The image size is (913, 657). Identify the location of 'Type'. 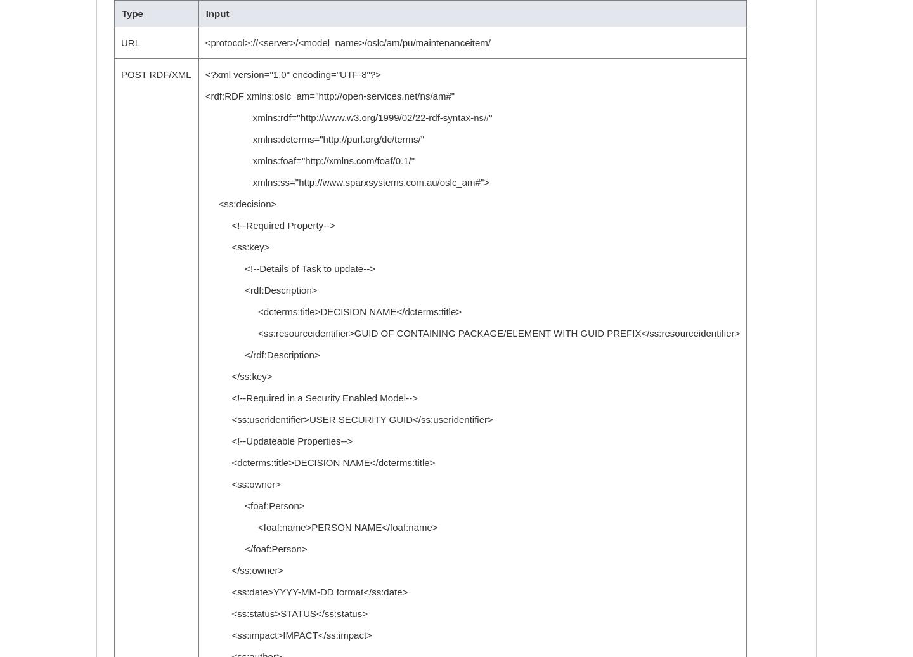
(121, 13).